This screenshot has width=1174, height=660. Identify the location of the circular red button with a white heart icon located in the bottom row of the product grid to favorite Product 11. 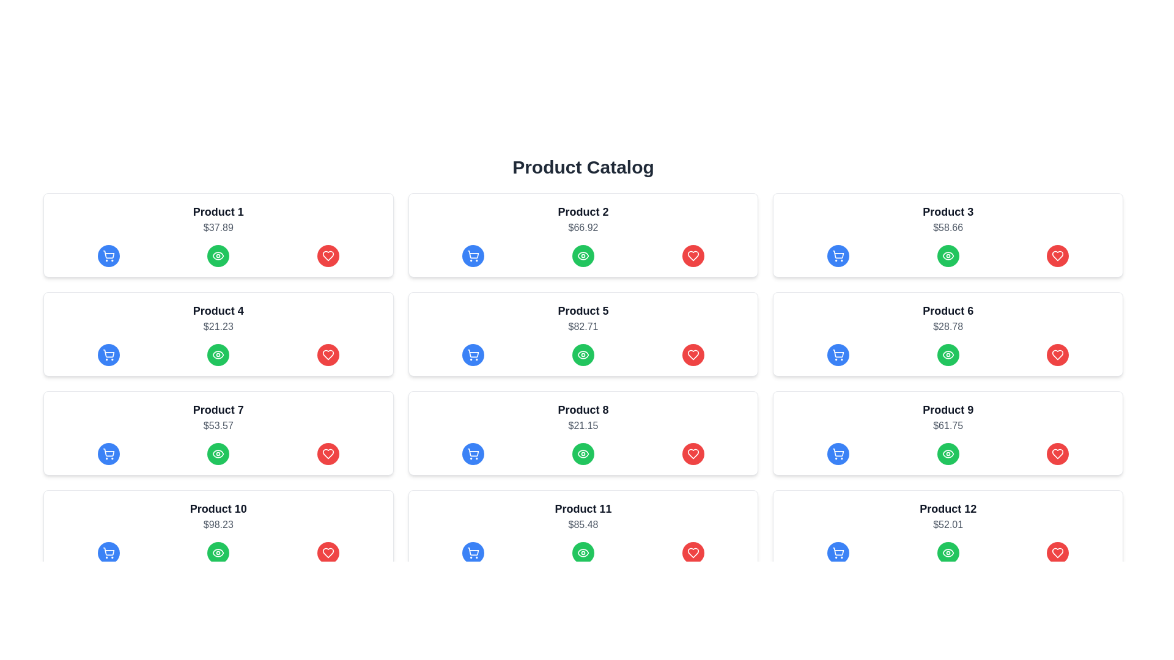
(693, 553).